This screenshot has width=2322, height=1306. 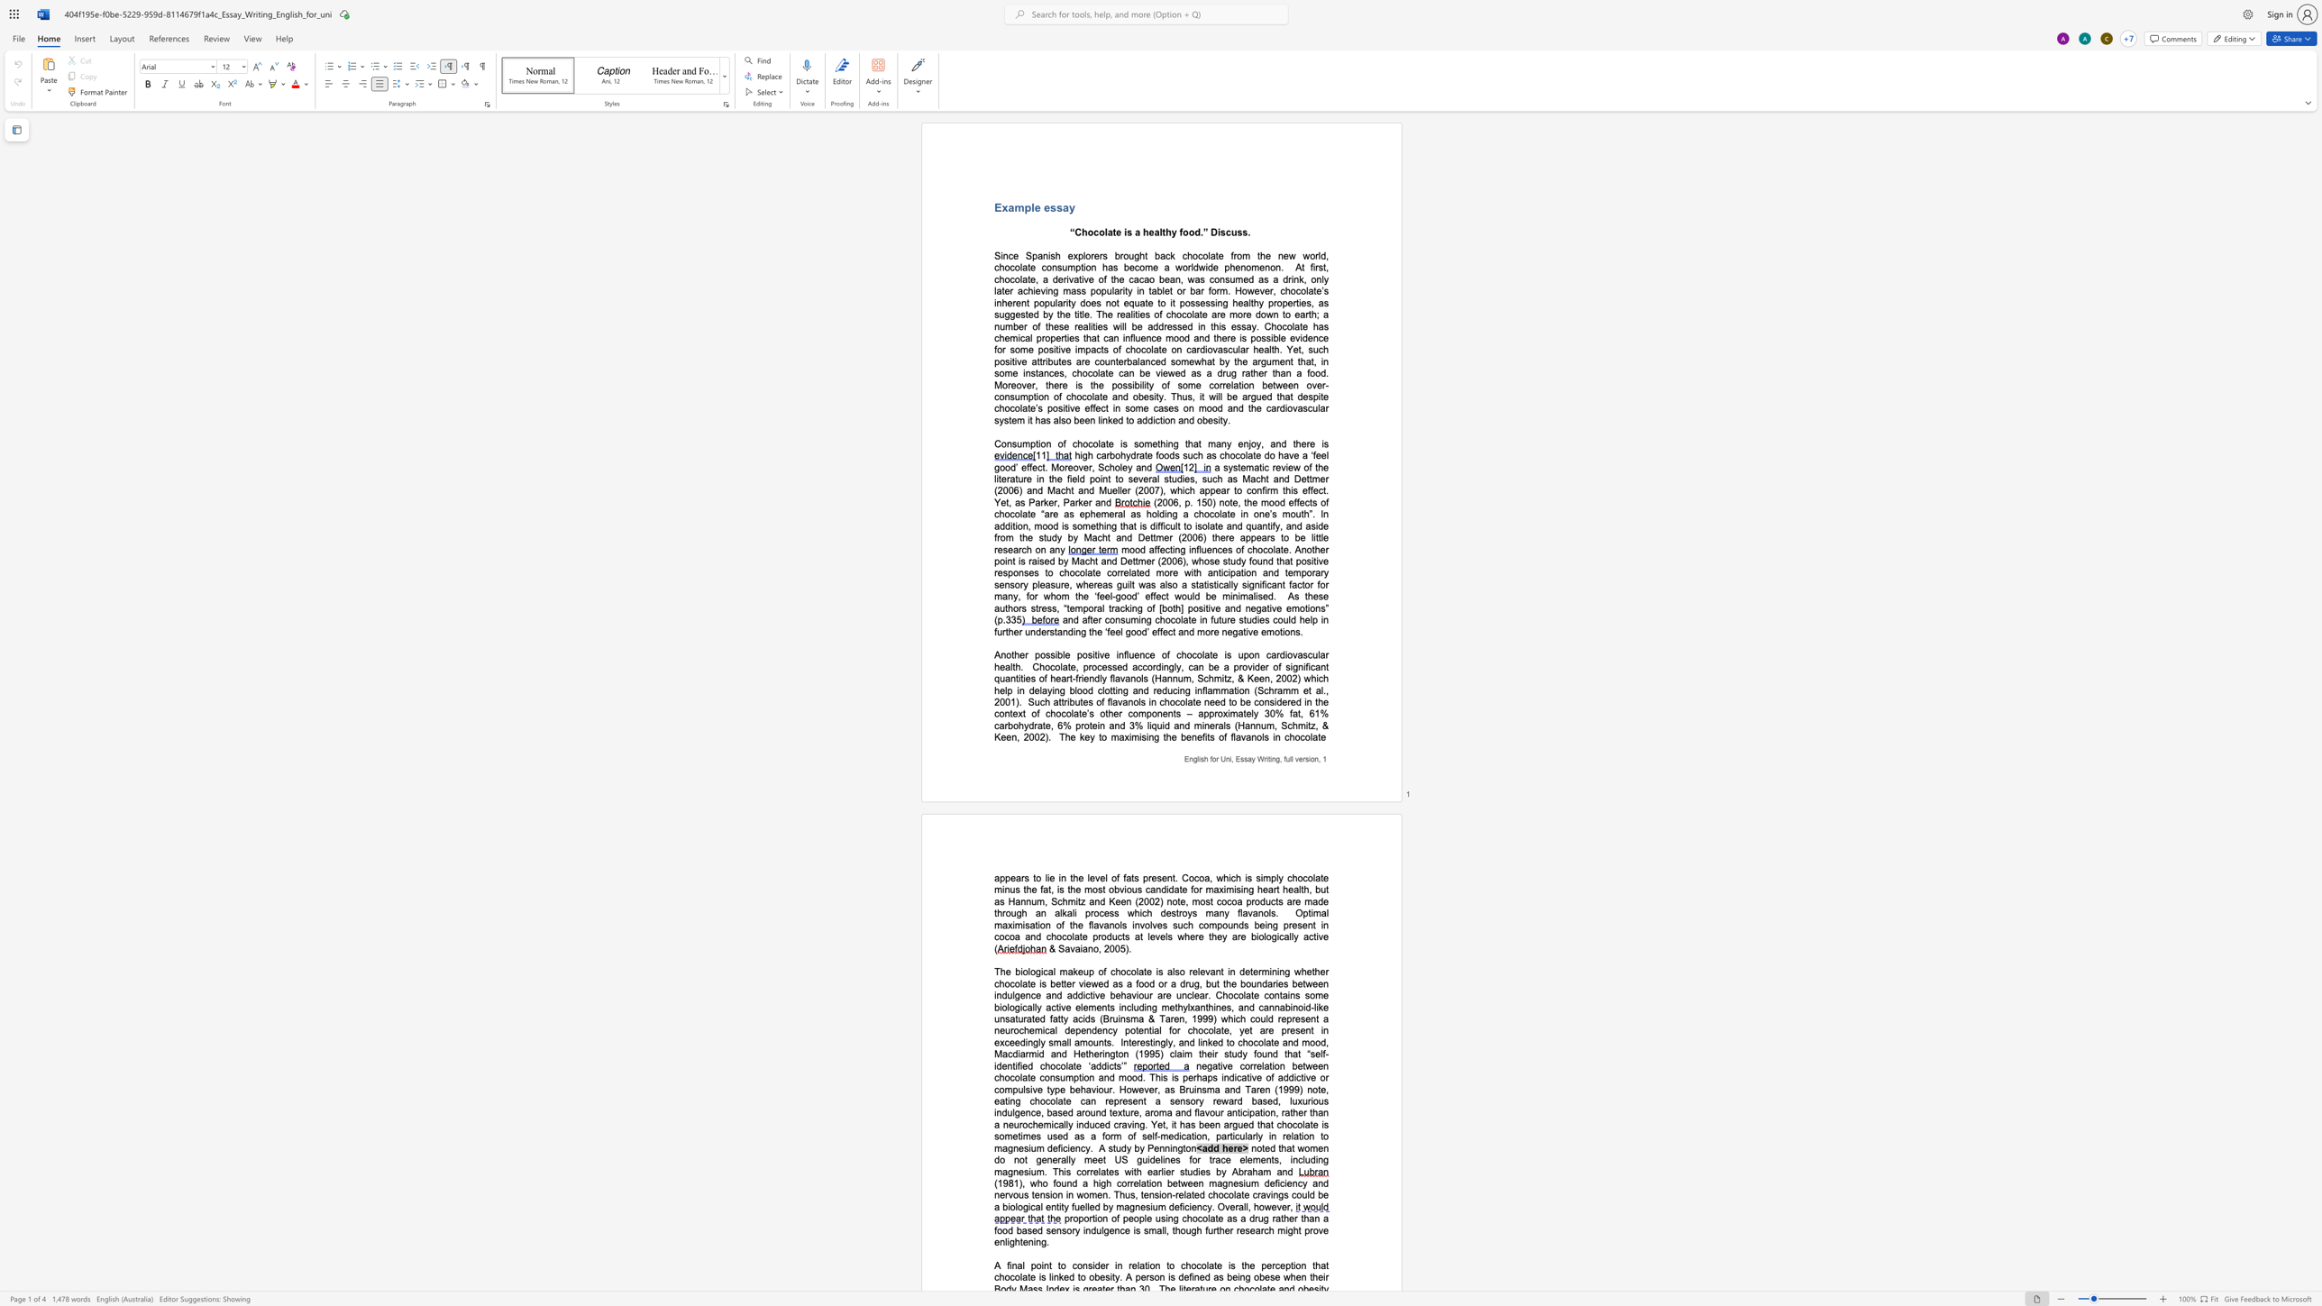 What do you see at coordinates (1138, 971) in the screenshot?
I see `the space between the continuous character "l" and "a" in the text` at bounding box center [1138, 971].